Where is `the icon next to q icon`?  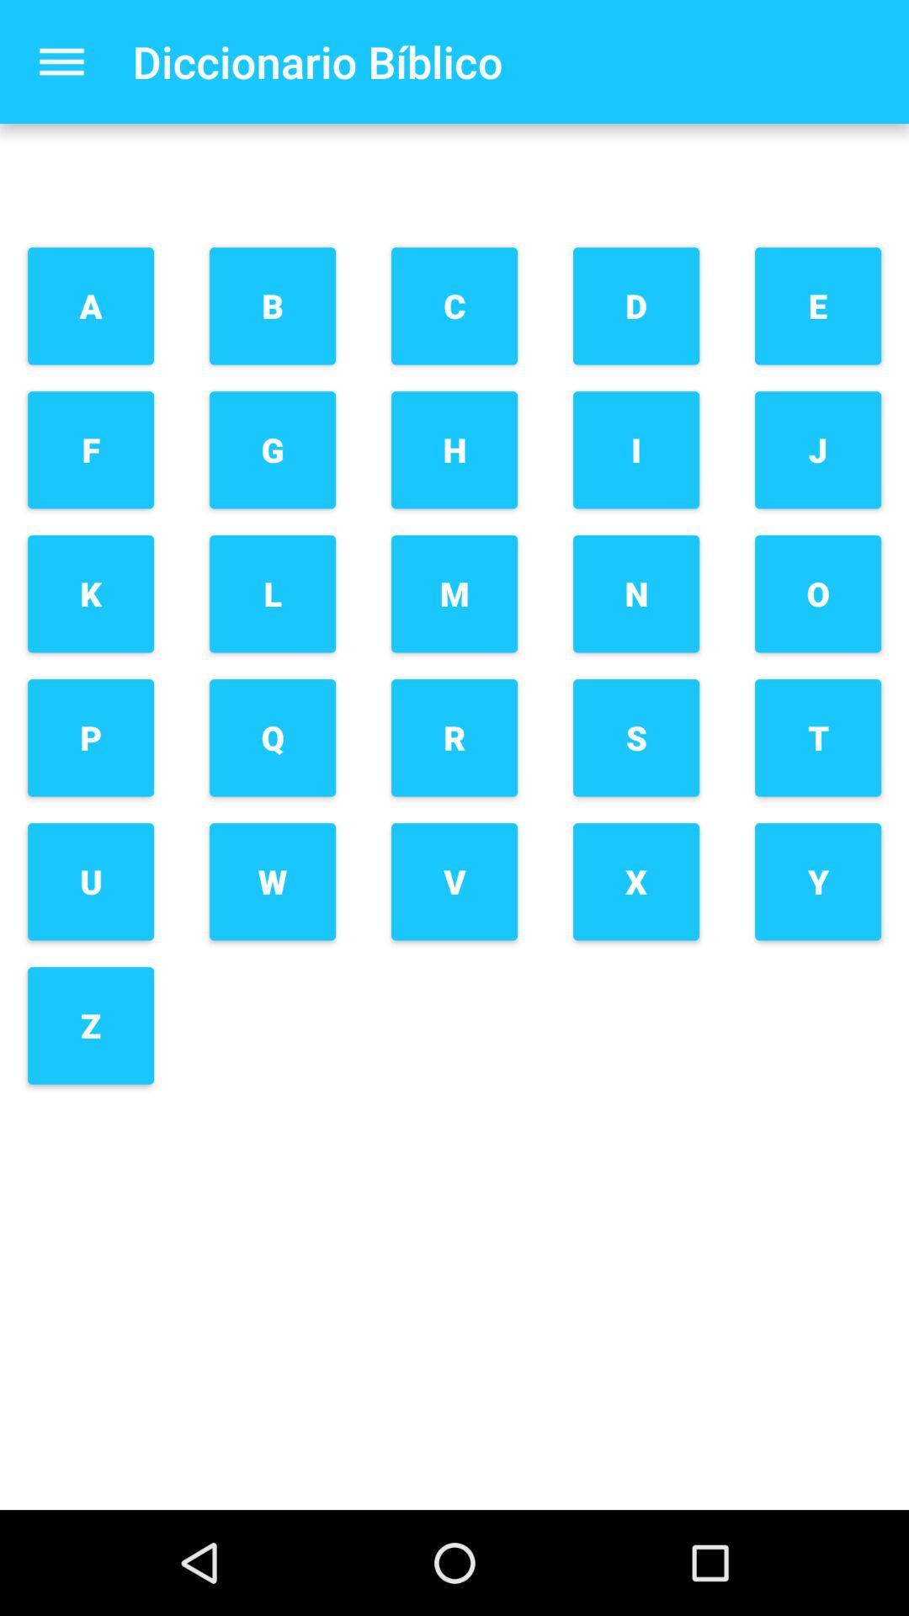 the icon next to q icon is located at coordinates (454, 880).